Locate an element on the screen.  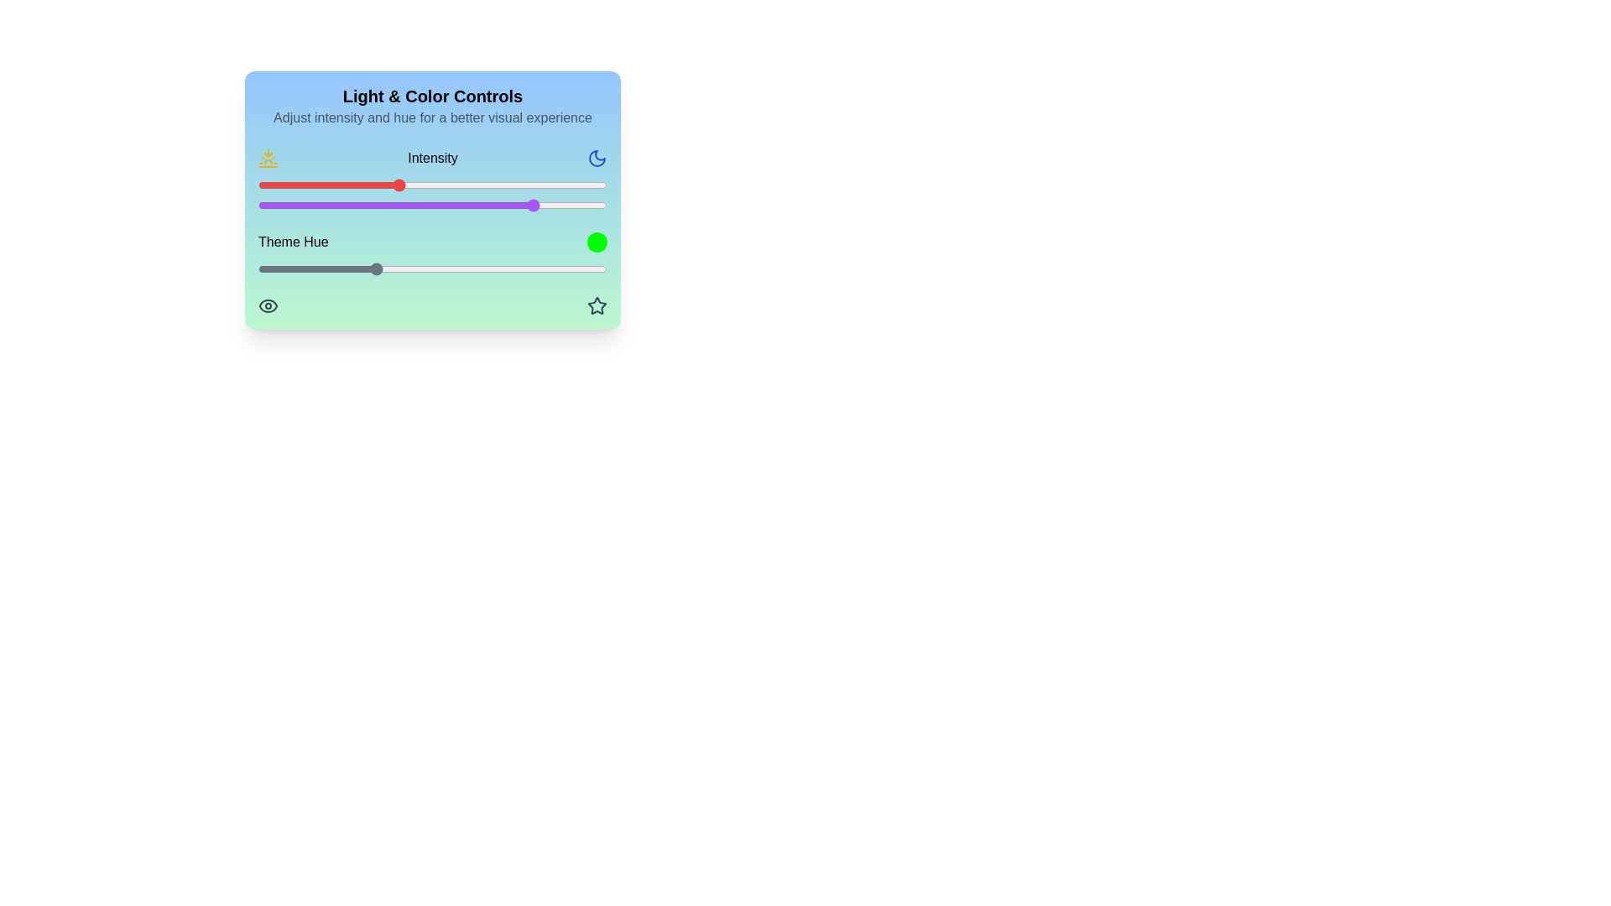
the slider value is located at coordinates (279, 205).